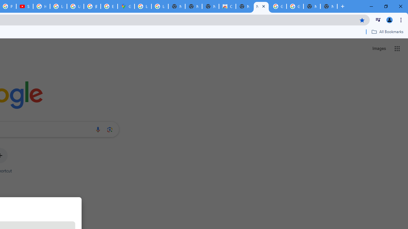 Image resolution: width=408 pixels, height=229 pixels. What do you see at coordinates (109, 6) in the screenshot?
I see `'Explore new street-level details - Google Maps Help'` at bounding box center [109, 6].